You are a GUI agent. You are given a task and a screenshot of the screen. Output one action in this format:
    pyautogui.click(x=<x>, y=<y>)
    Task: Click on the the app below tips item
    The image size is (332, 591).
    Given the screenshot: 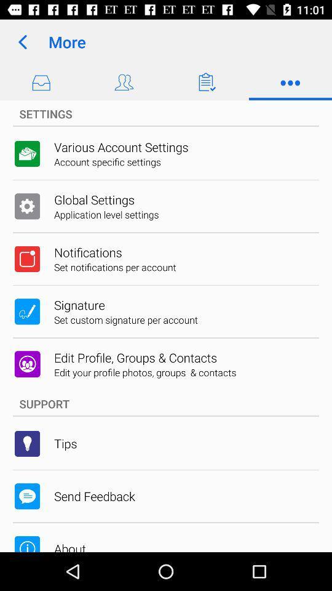 What is the action you would take?
    pyautogui.click(x=93, y=496)
    